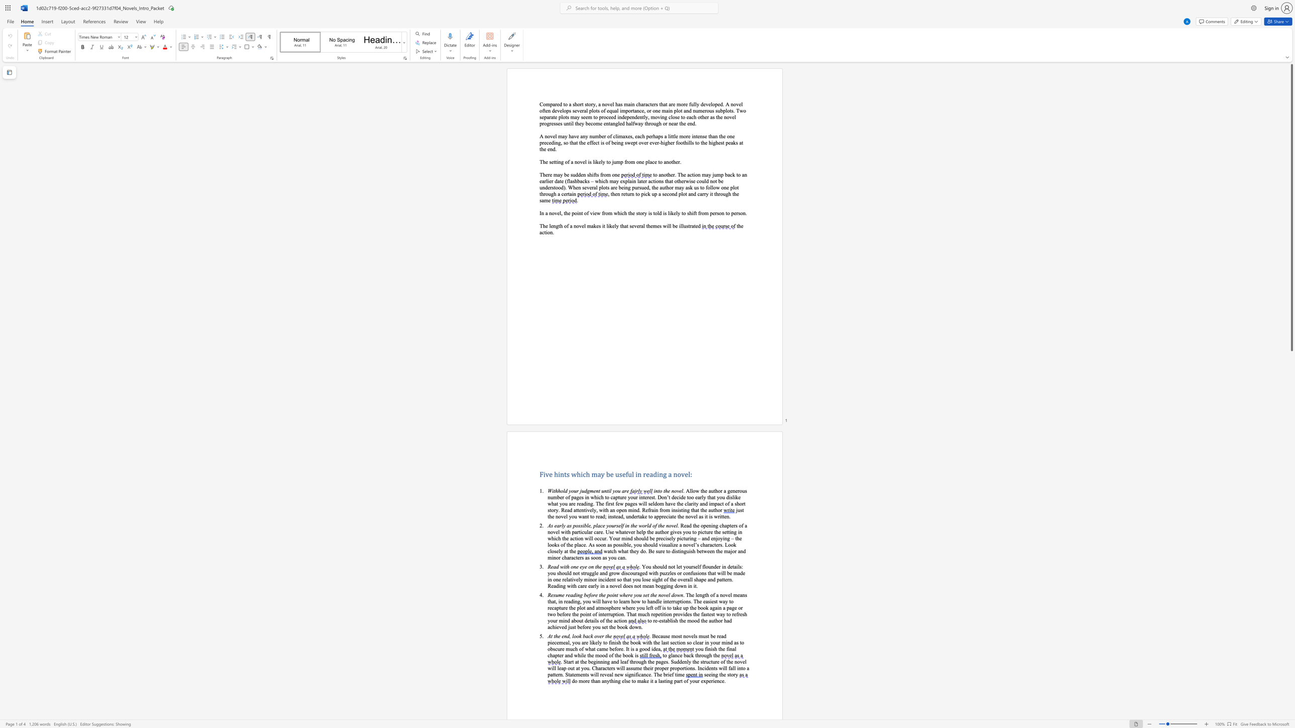 Image resolution: width=1295 pixels, height=728 pixels. What do you see at coordinates (565, 579) in the screenshot?
I see `the 1th character "e" in the text` at bounding box center [565, 579].